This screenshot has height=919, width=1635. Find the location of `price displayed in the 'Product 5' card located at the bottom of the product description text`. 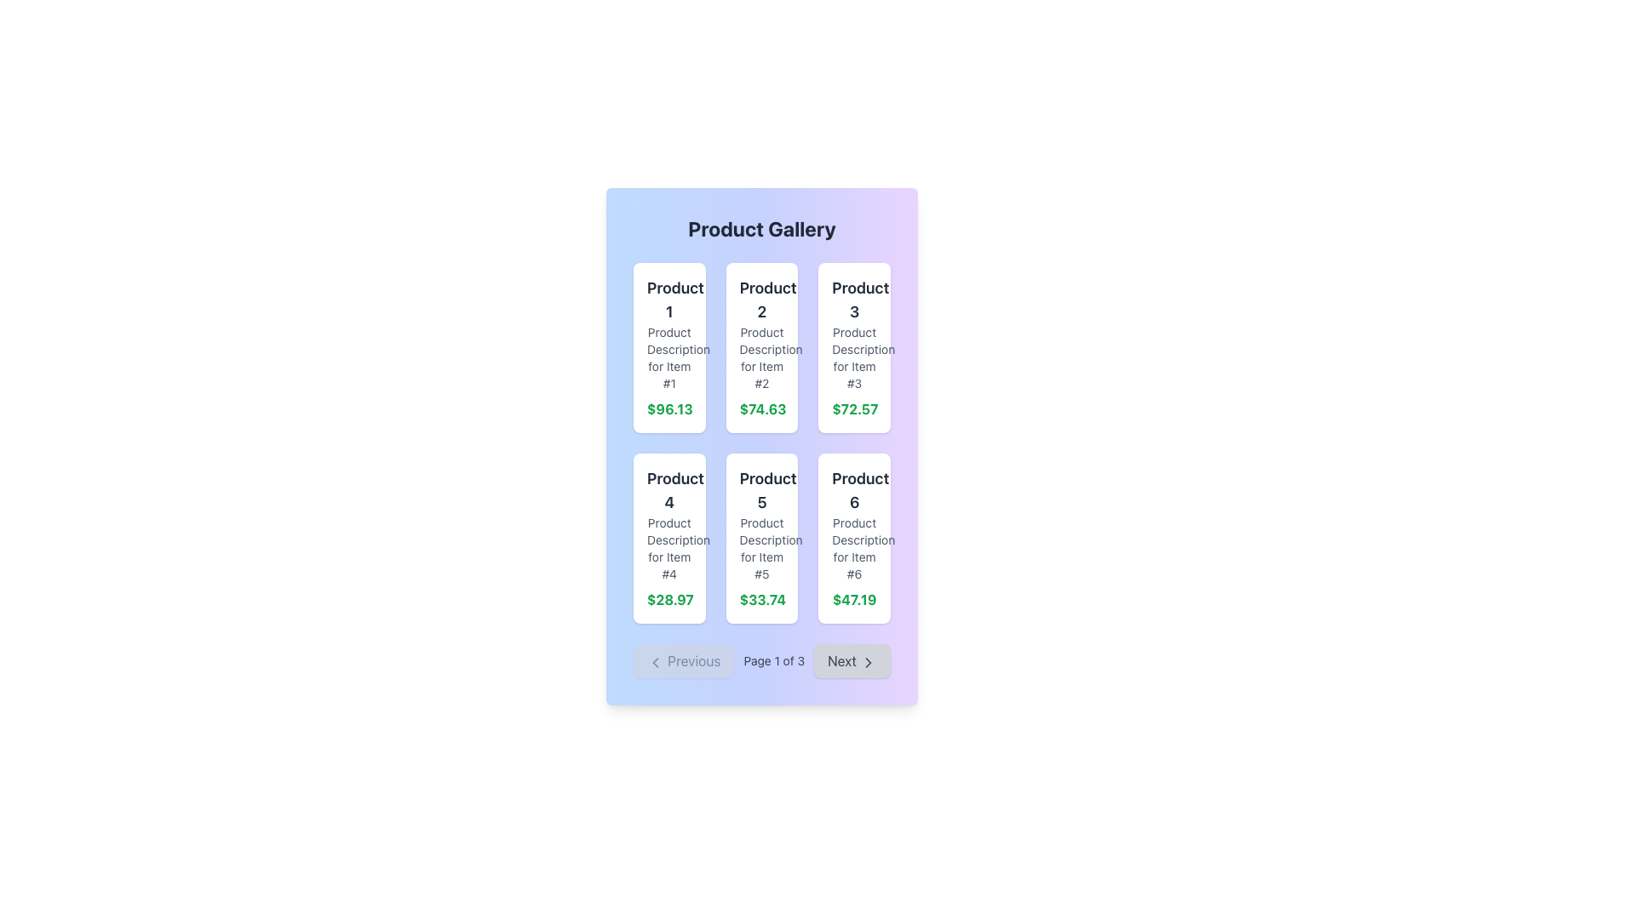

price displayed in the 'Product 5' card located at the bottom of the product description text is located at coordinates (760, 599).